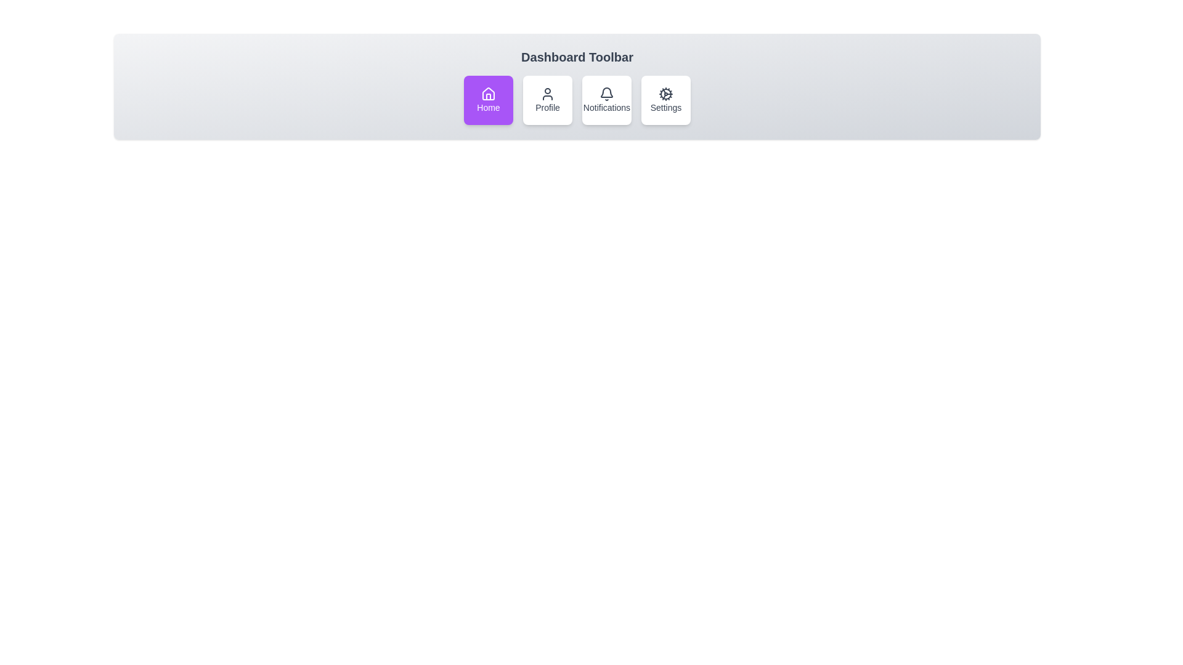  I want to click on the Notifications toolbar item to activate it, so click(606, 99).